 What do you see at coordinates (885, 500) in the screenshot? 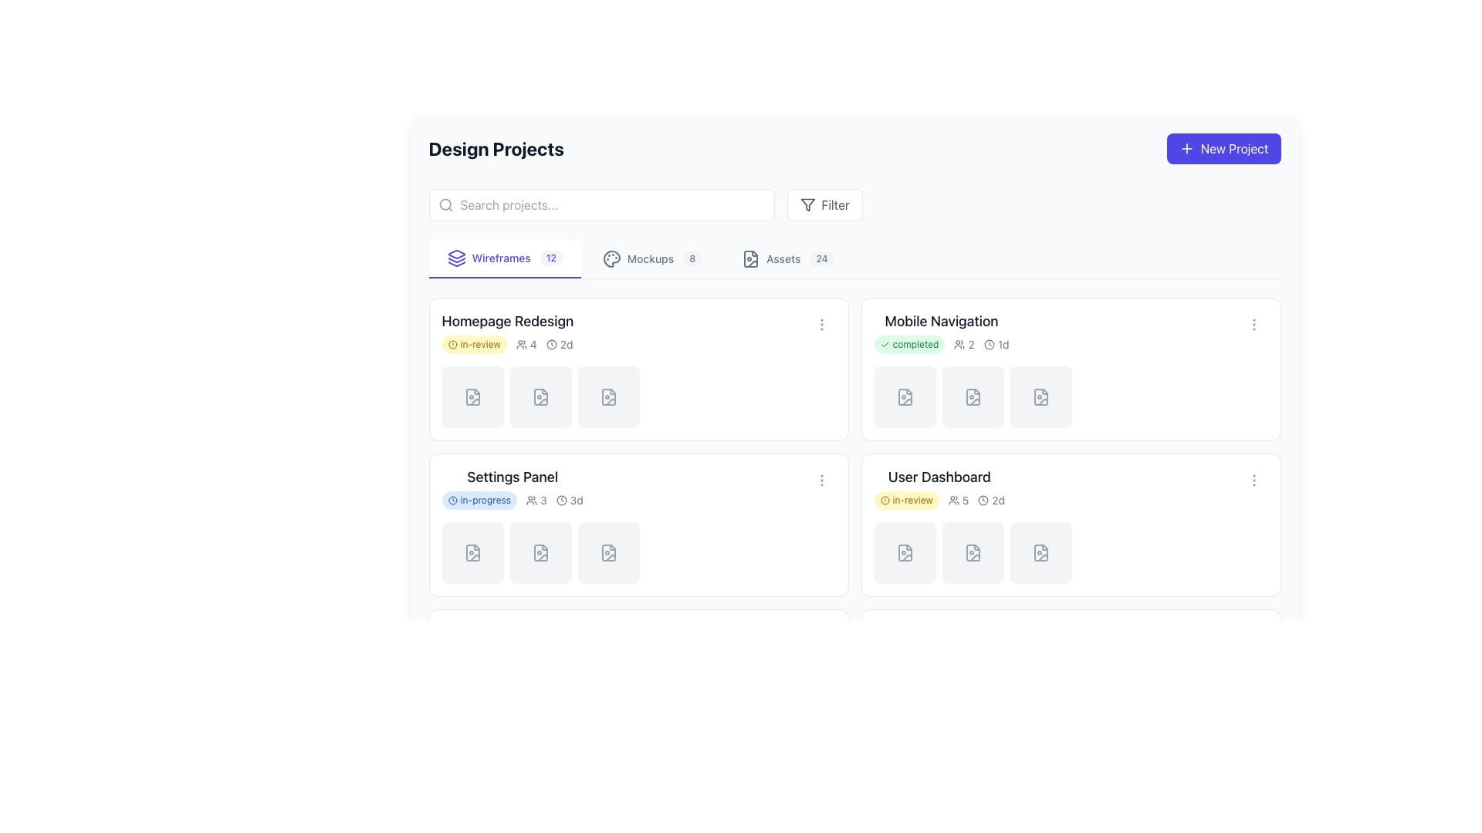
I see `the visual indicator icon located in the top-left corner of the User Dashboard, which signifies a specific state related to the adjacent 'in-review' label` at bounding box center [885, 500].